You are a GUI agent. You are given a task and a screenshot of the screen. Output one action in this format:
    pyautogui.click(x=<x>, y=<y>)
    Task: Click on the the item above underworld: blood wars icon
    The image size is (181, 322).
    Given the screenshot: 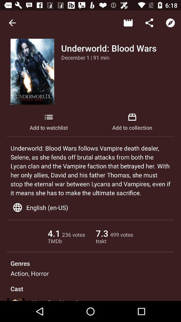 What is the action you would take?
    pyautogui.click(x=128, y=23)
    